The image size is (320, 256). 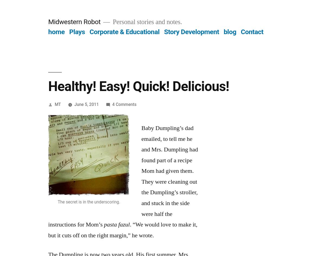 What do you see at coordinates (89, 31) in the screenshot?
I see `'Corporate & Educational'` at bounding box center [89, 31].